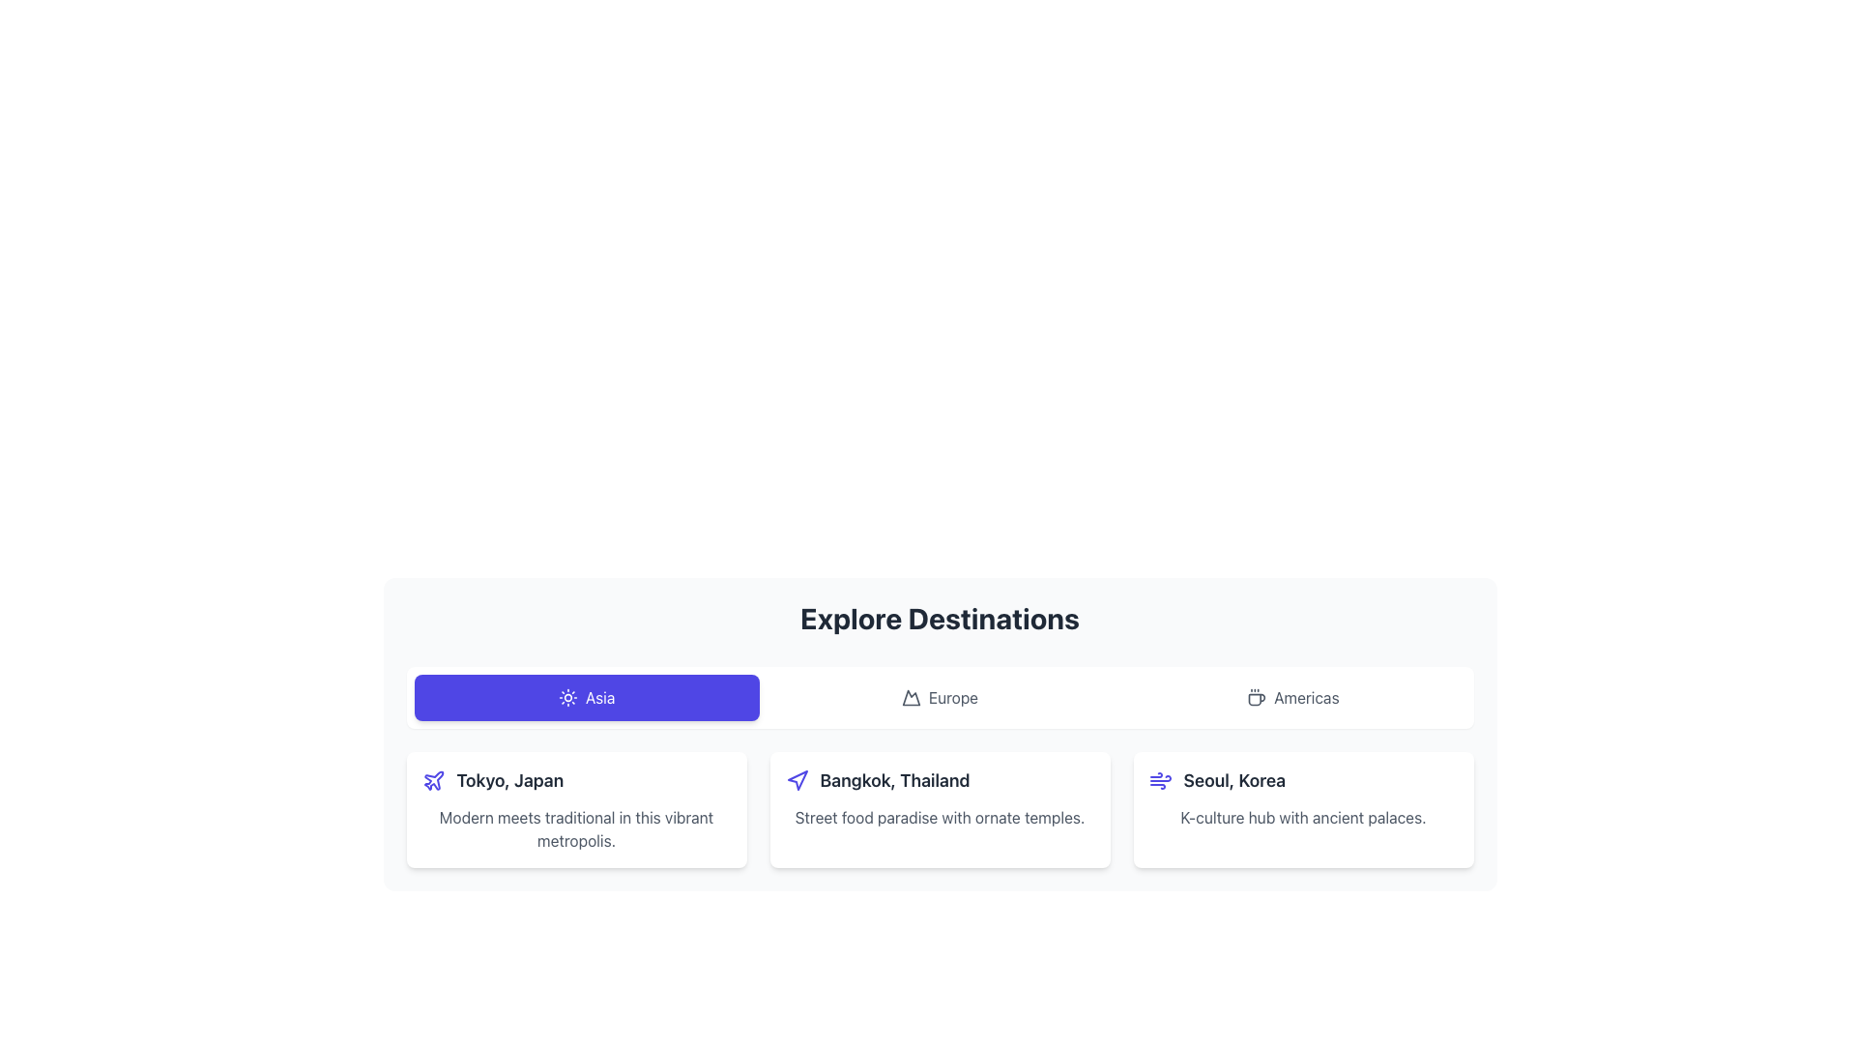 This screenshot has height=1044, width=1856. I want to click on the text label displaying 'Americas' on the rightmost segment of the navigation bar, so click(1306, 697).